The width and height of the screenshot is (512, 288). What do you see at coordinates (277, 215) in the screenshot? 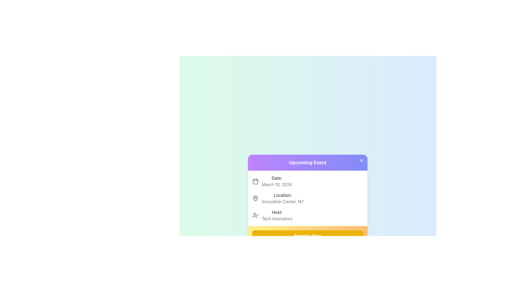
I see `the informational text label that specifies the event host, located below 'Date' and 'Location', which displays 'Host:' and 'Tech Innovators'` at bounding box center [277, 215].